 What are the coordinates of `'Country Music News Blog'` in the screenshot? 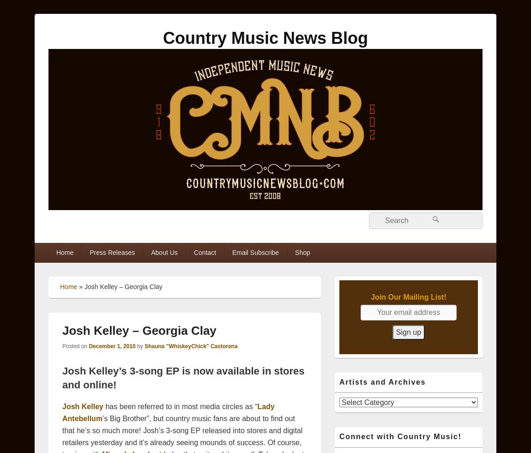 It's located at (265, 37).